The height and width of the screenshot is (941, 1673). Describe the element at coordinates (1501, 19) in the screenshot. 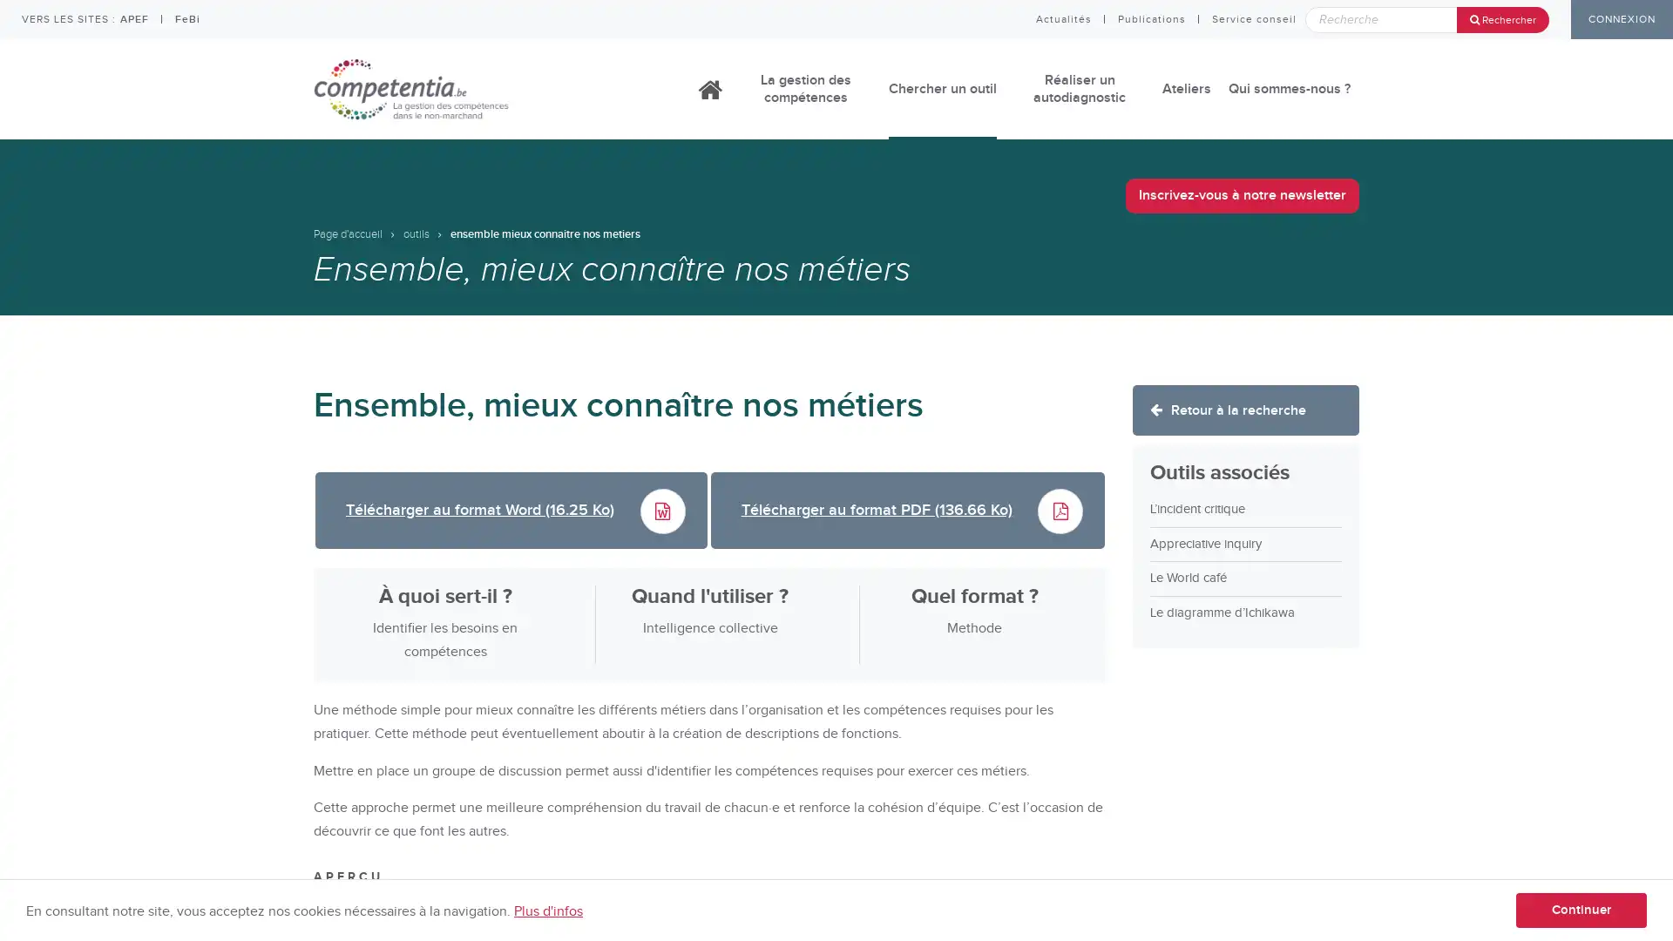

I see `Rechercher` at that location.